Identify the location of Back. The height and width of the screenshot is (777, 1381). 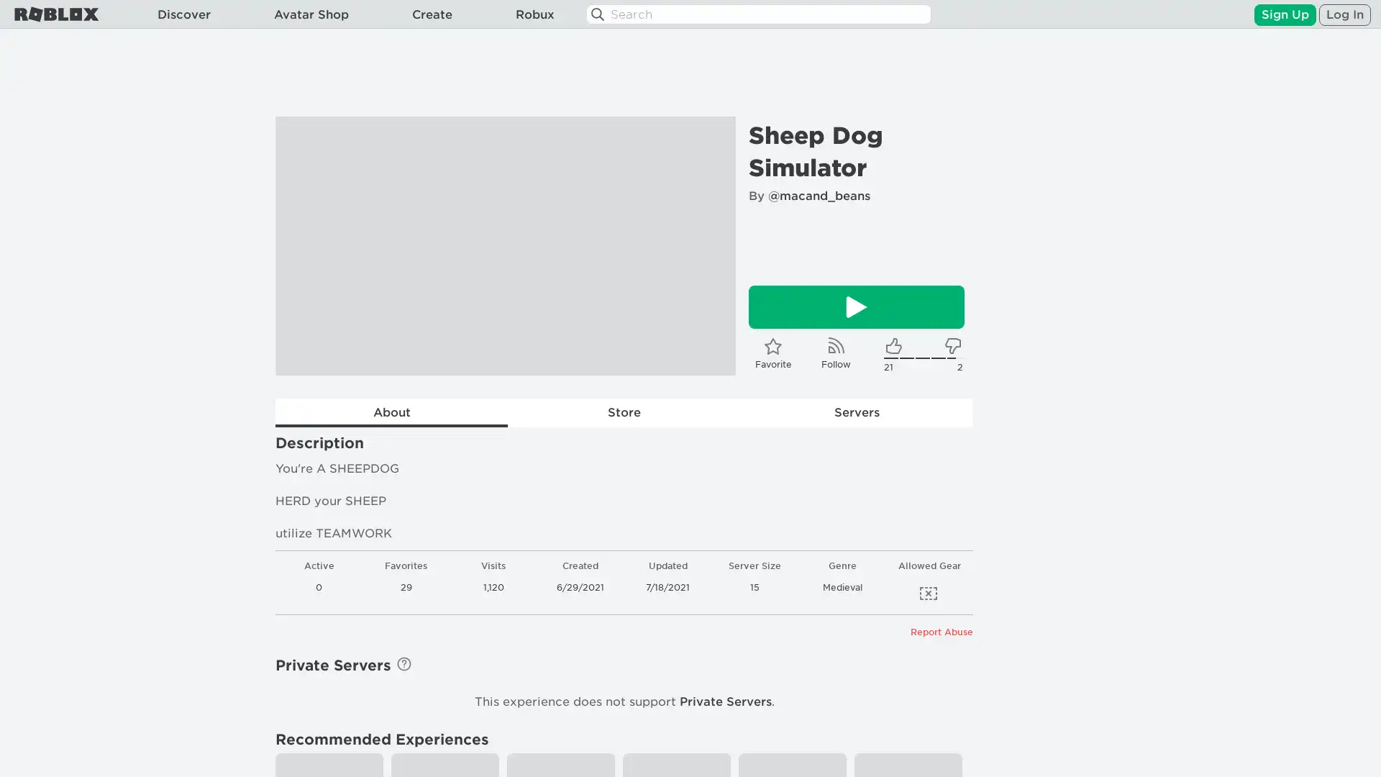
(305, 245).